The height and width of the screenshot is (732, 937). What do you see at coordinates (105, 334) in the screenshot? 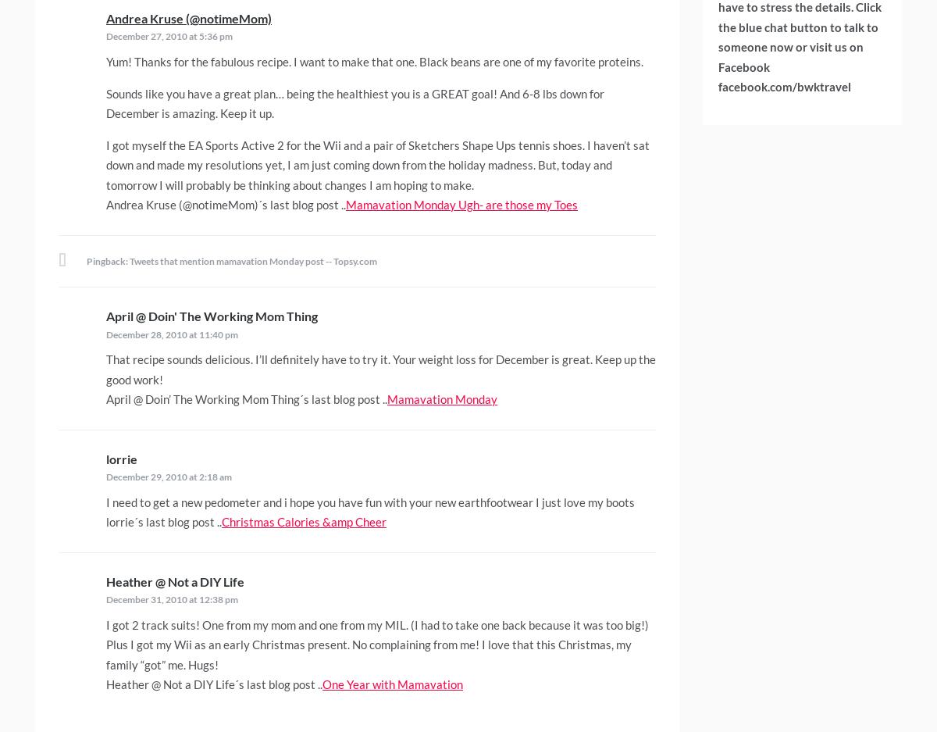
I see `'December 28, 2010 at 11:40 pm'` at bounding box center [105, 334].